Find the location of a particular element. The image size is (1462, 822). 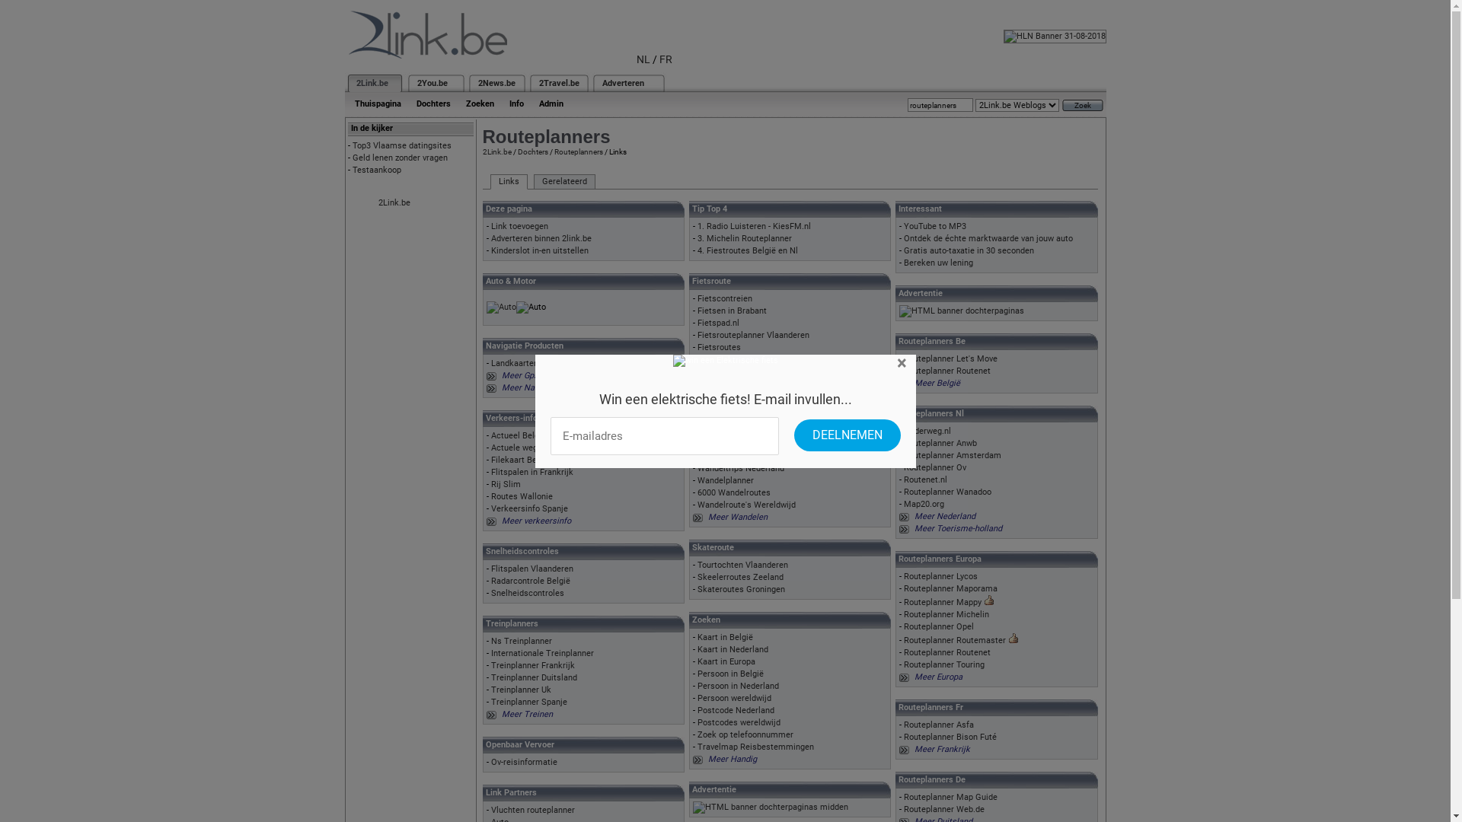

'FR' is located at coordinates (666, 58).